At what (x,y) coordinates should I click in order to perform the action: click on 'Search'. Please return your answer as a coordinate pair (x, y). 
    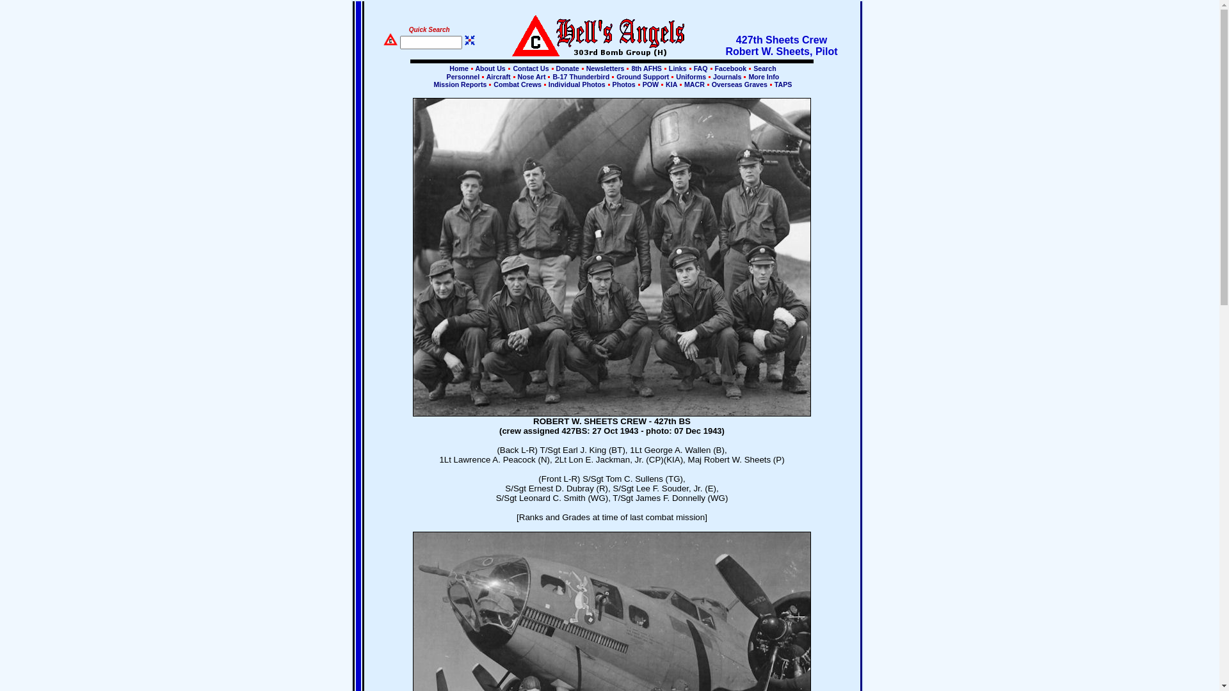
    Looking at the image, I should click on (764, 68).